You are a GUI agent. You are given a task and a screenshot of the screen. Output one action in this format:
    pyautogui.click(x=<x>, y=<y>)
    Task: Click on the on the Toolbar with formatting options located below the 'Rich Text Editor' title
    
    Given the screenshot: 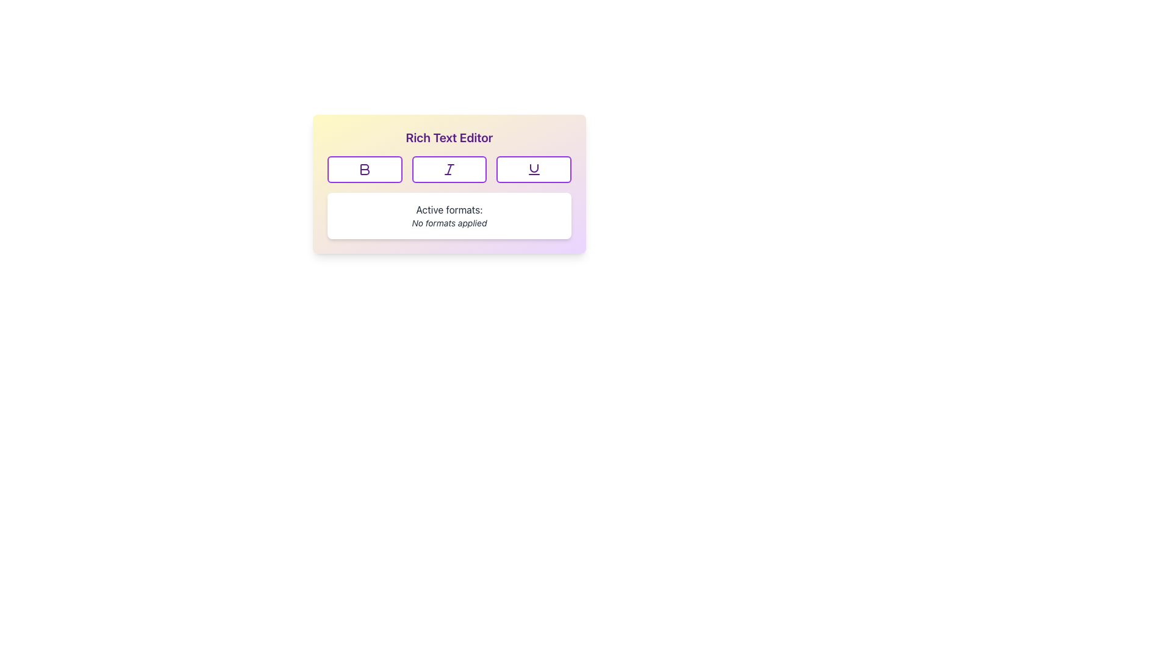 What is the action you would take?
    pyautogui.click(x=449, y=169)
    